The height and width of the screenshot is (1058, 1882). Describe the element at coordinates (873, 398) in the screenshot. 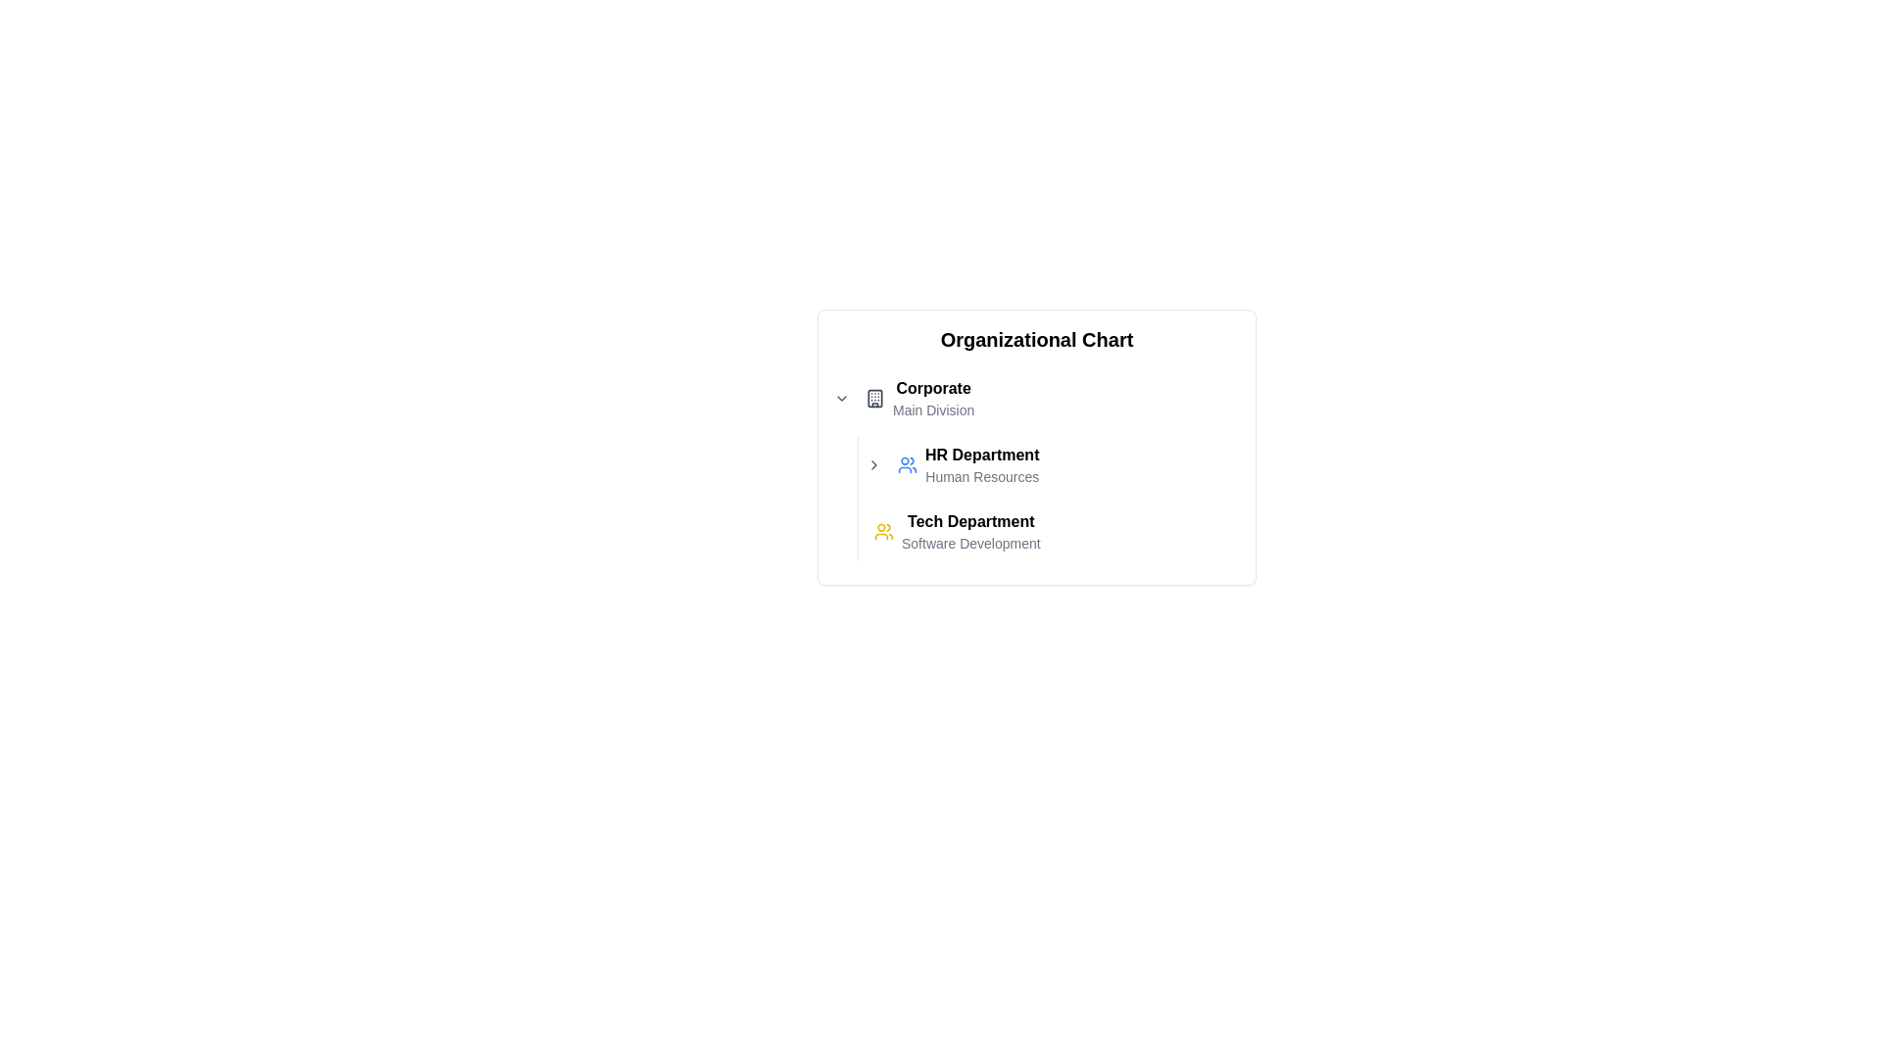

I see `the 20x20 pixel building icon, which has a dark gray filled rectangular base and small circular features, located to the left of the text 'Corporate' and 'Main Division'` at that location.